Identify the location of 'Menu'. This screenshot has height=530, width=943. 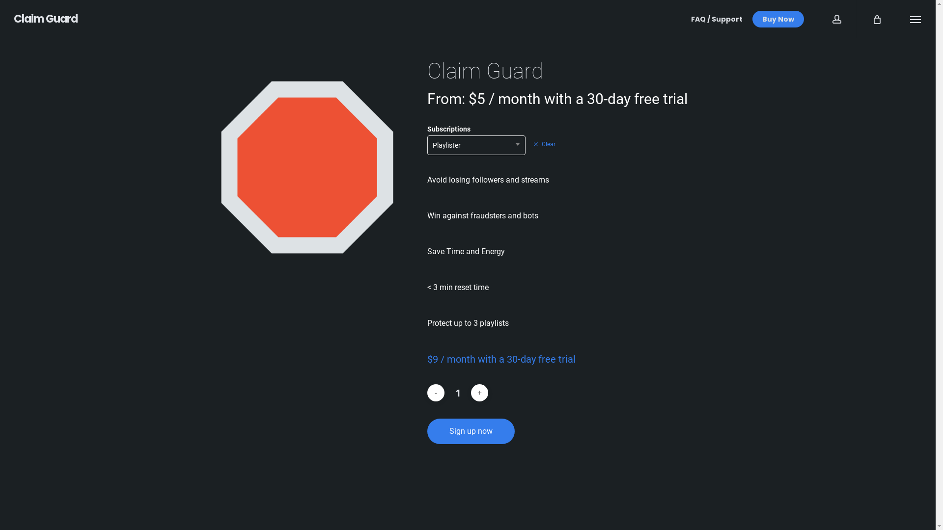
(915, 19).